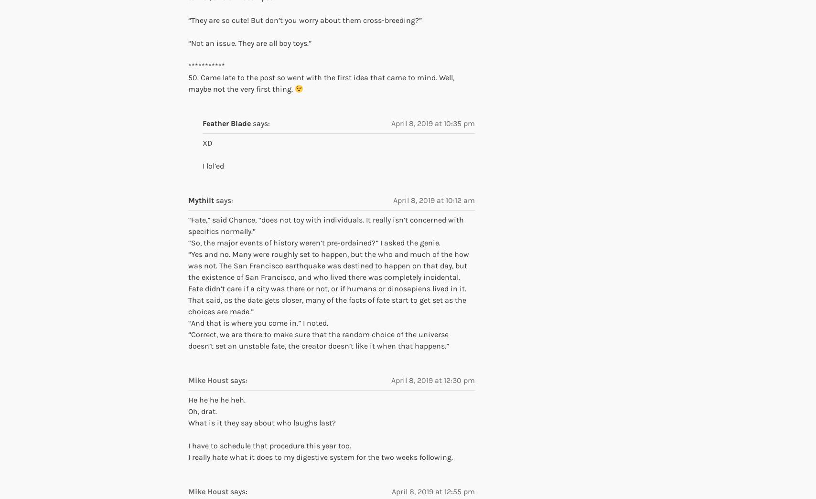 The image size is (816, 499). Describe the element at coordinates (188, 19) in the screenshot. I see `'“They are so cute!  But  don’t you worry about them cross-breeding?”'` at that location.